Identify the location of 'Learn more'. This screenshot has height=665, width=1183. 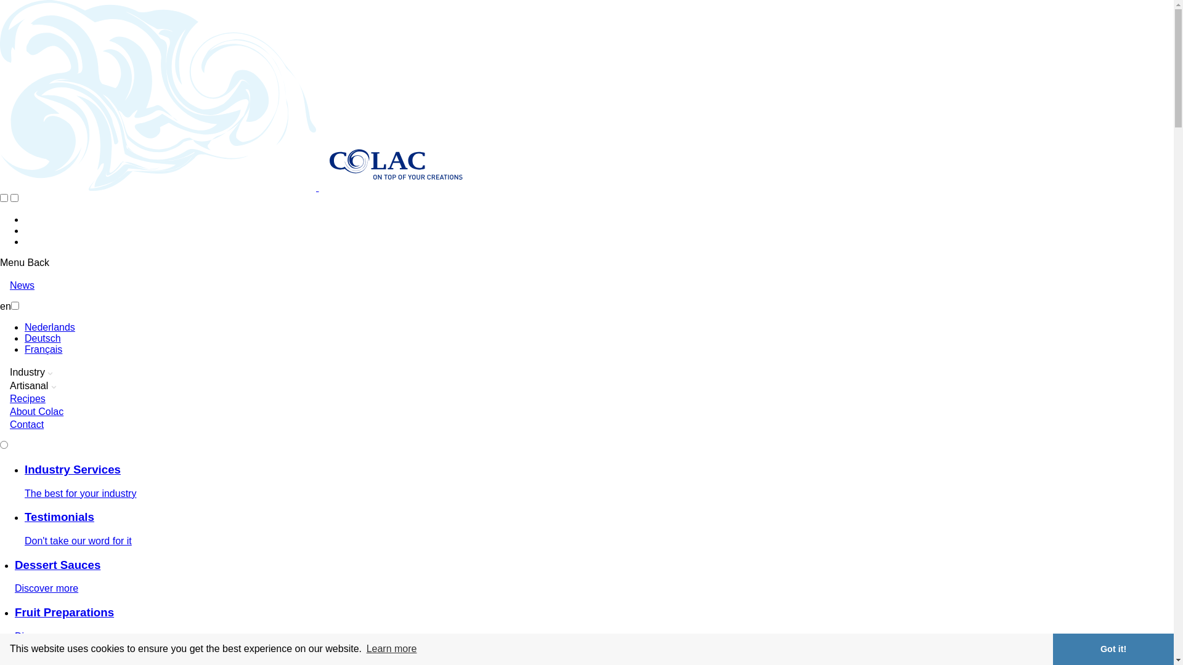
(390, 648).